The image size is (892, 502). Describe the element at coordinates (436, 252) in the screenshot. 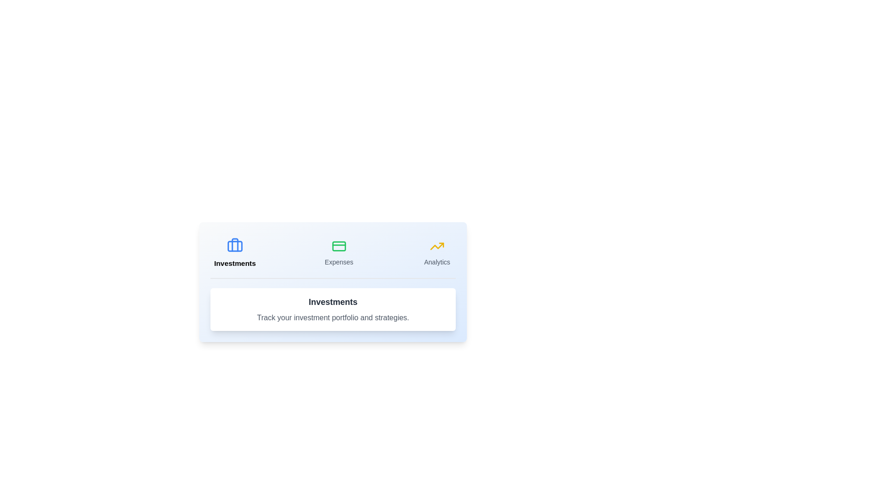

I see `the Analytics tab to view its content` at that location.